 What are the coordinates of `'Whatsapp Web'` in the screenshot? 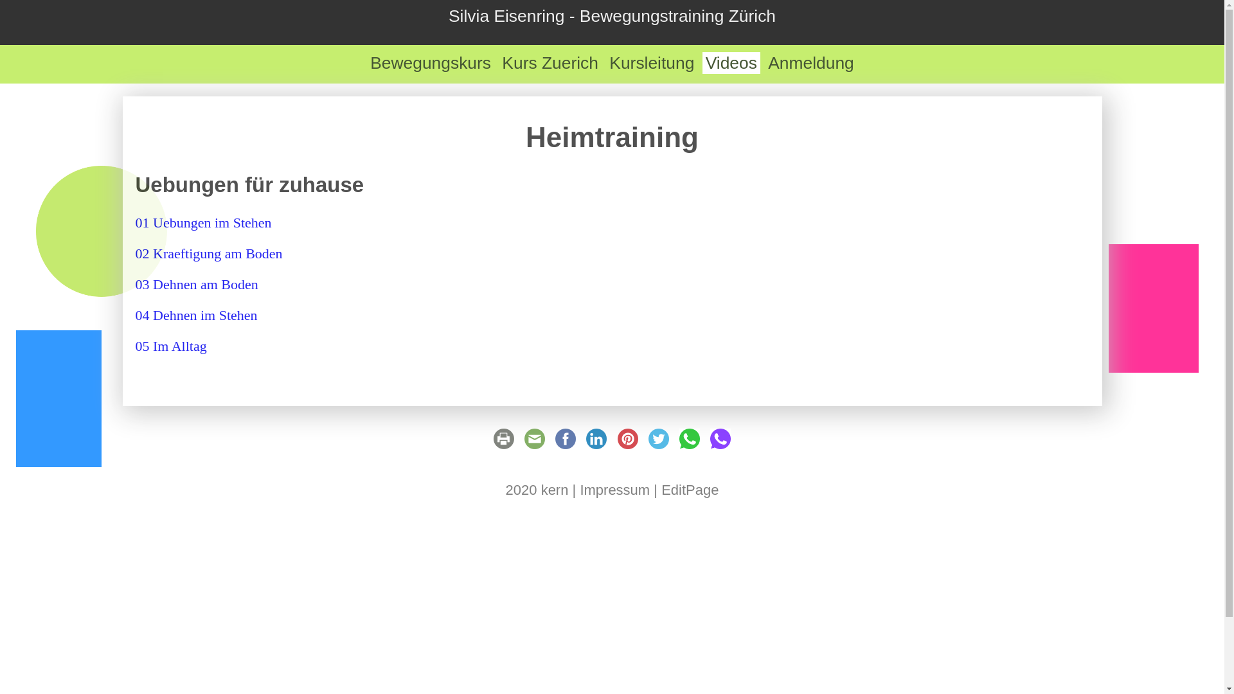 It's located at (720, 443).